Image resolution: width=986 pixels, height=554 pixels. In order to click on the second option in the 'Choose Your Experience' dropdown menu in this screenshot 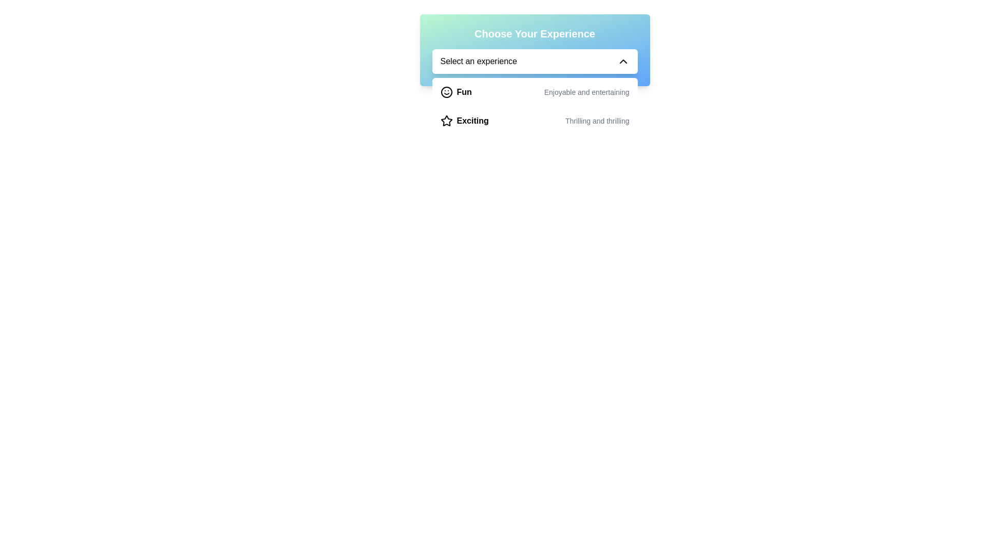, I will do `click(534, 120)`.